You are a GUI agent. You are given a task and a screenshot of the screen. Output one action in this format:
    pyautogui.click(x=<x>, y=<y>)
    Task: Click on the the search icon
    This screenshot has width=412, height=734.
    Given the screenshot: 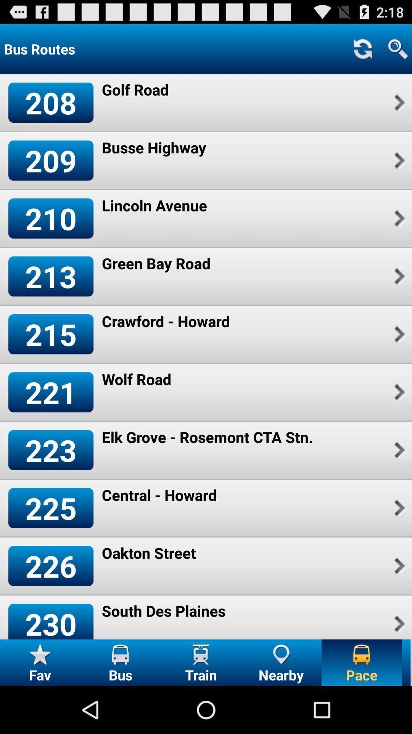 What is the action you would take?
    pyautogui.click(x=398, y=52)
    